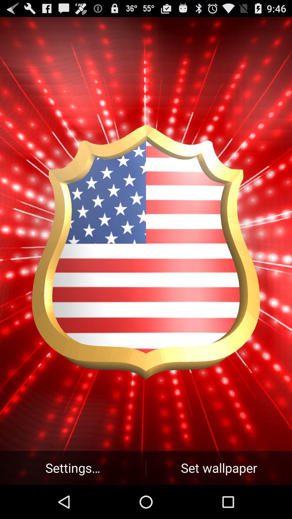 The height and width of the screenshot is (519, 292). Describe the element at coordinates (219, 468) in the screenshot. I see `the icon at the bottom right corner` at that location.